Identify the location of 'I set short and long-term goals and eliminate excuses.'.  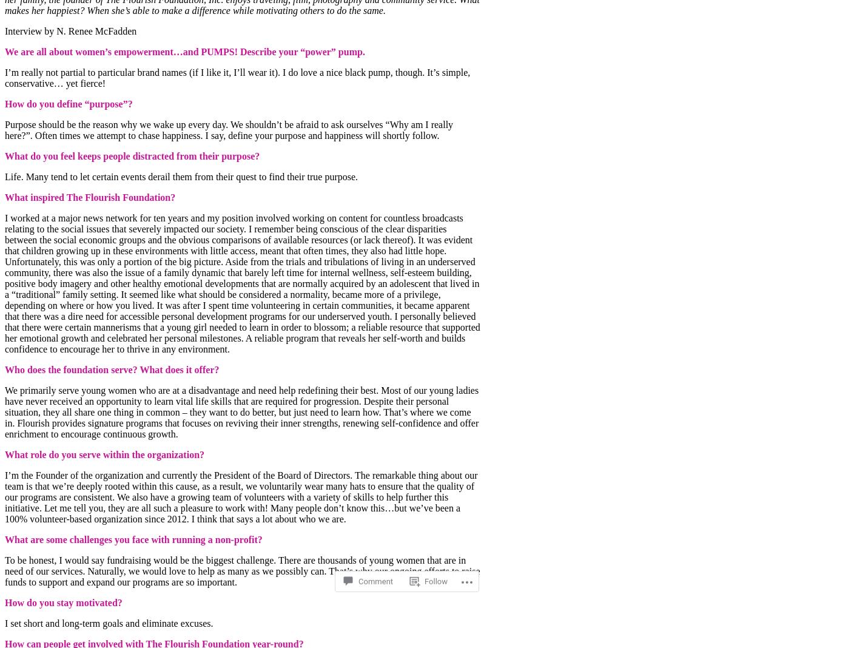
(108, 623).